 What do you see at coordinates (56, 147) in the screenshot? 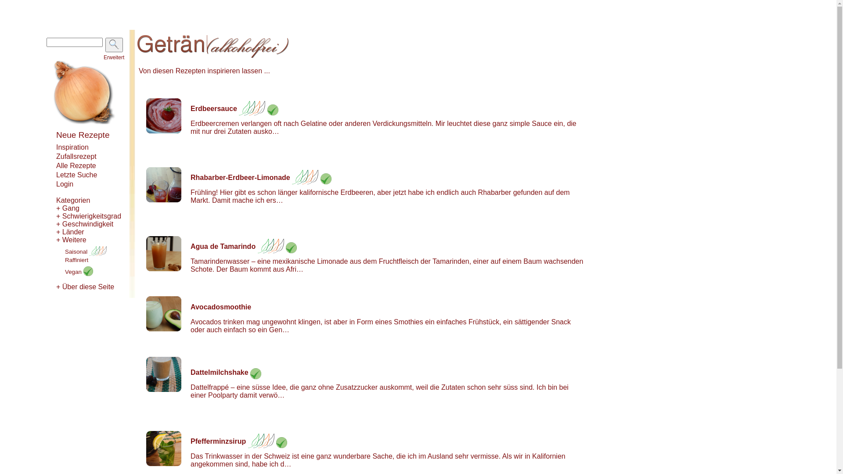
I see `'Inspiration'` at bounding box center [56, 147].